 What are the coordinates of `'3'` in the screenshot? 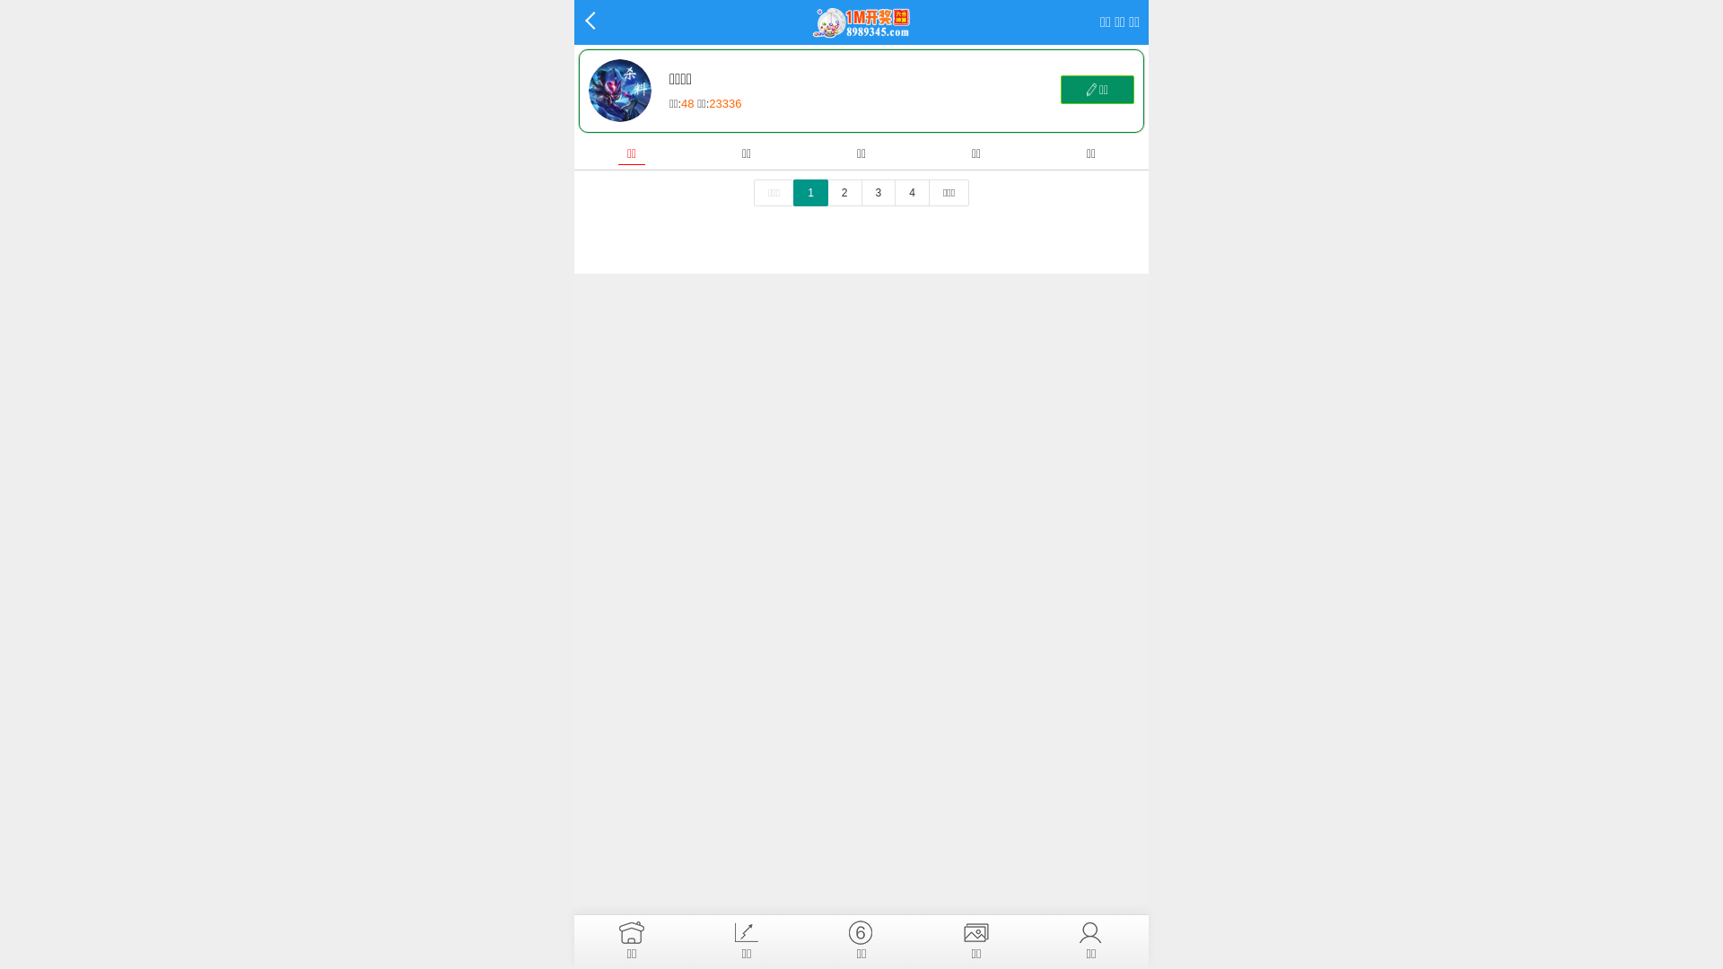 It's located at (861, 193).